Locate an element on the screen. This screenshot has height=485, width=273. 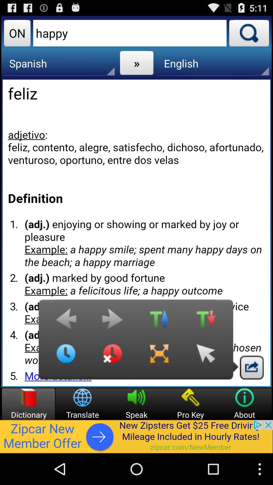
exit button is located at coordinates (252, 367).